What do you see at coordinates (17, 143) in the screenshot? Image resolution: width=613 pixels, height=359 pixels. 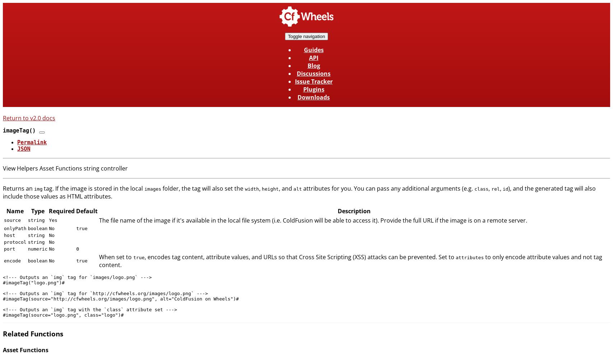 I see `'Permalink'` at bounding box center [17, 143].